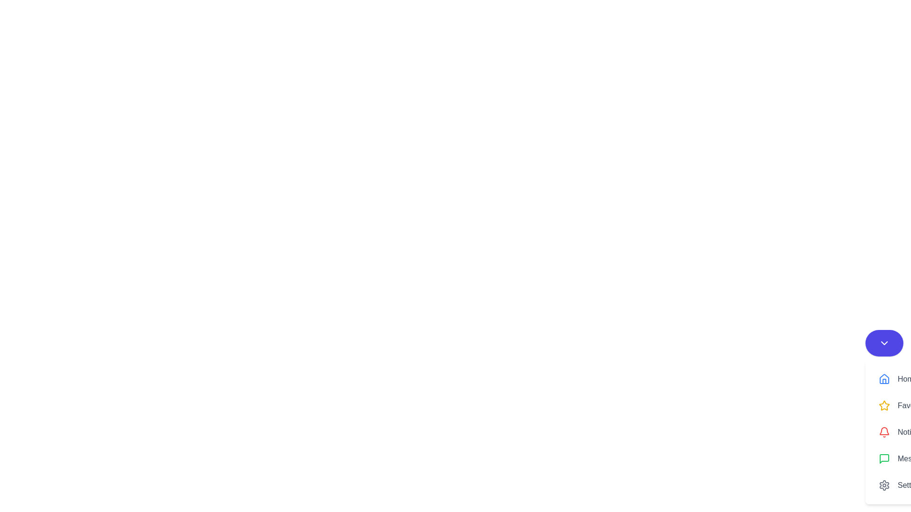  What do you see at coordinates (883, 458) in the screenshot?
I see `the messaging icon located in the vertical menu on the right side of the interface, which is the fourth icon below the notification bell and above the settings gear` at bounding box center [883, 458].